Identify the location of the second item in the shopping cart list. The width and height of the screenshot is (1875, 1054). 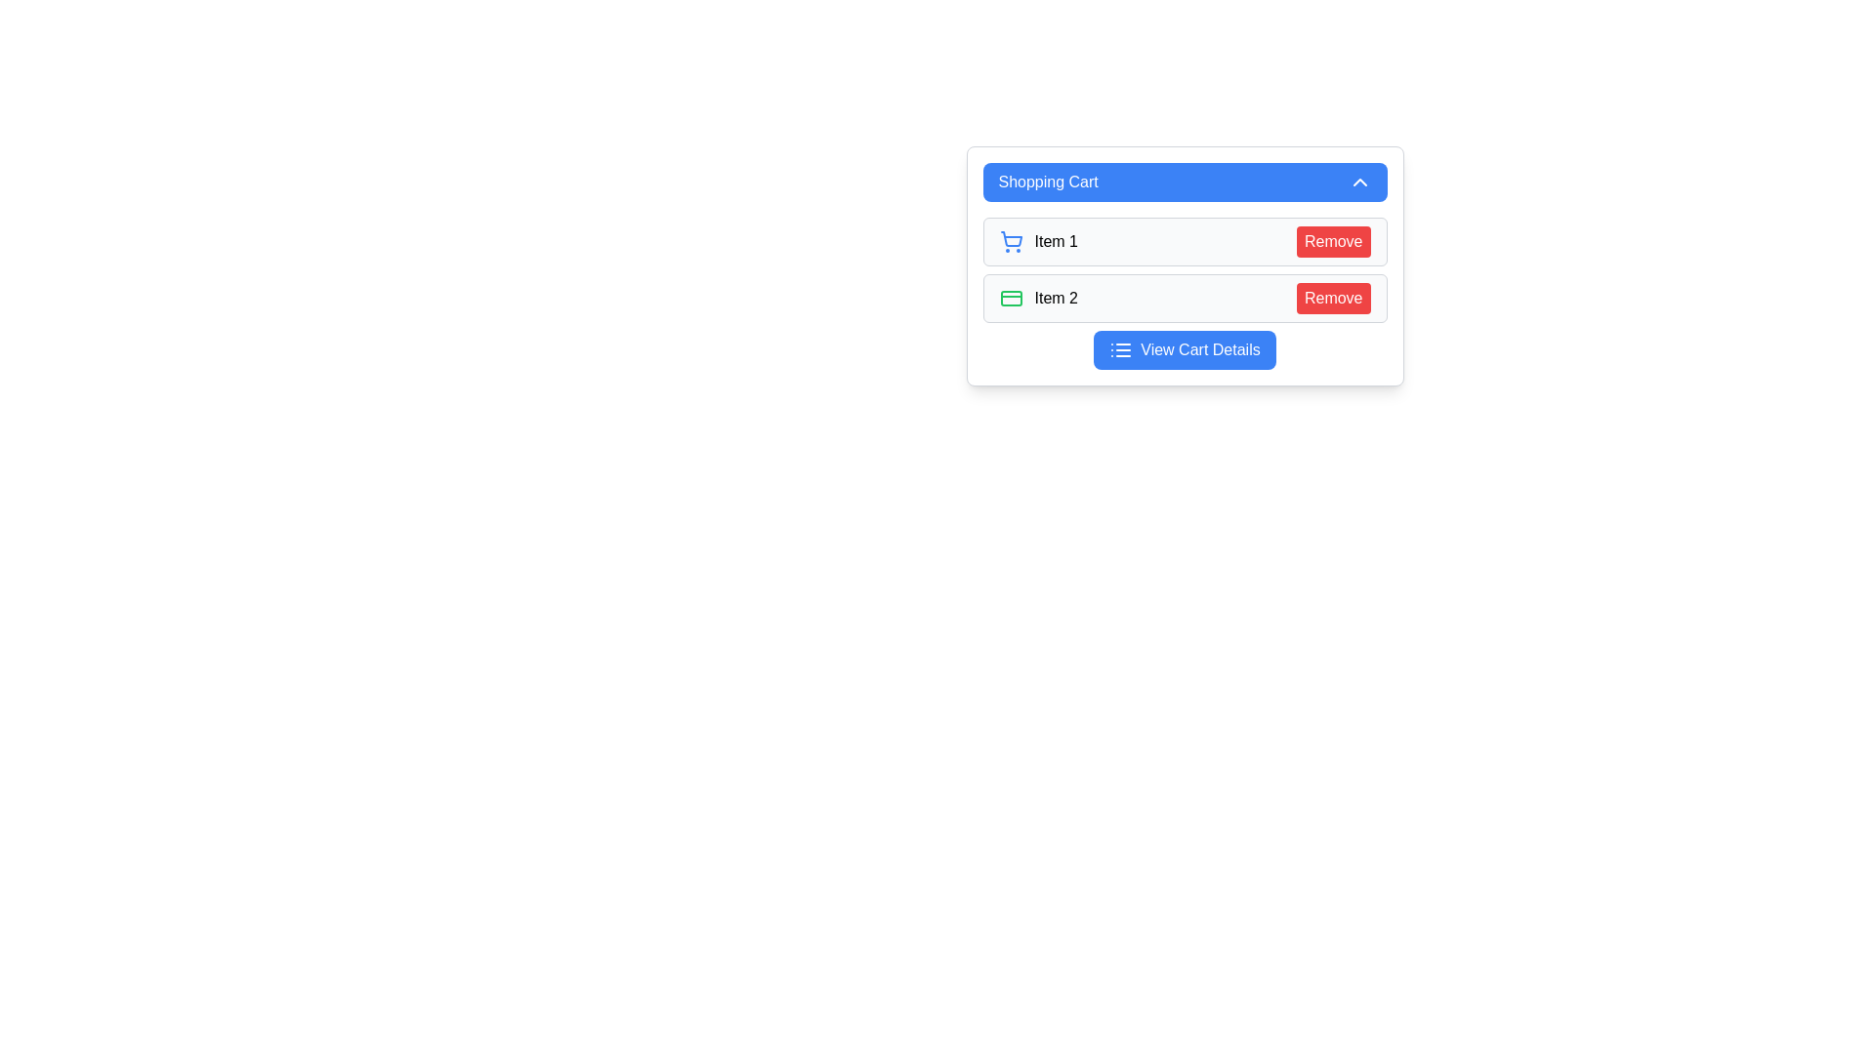
(1184, 298).